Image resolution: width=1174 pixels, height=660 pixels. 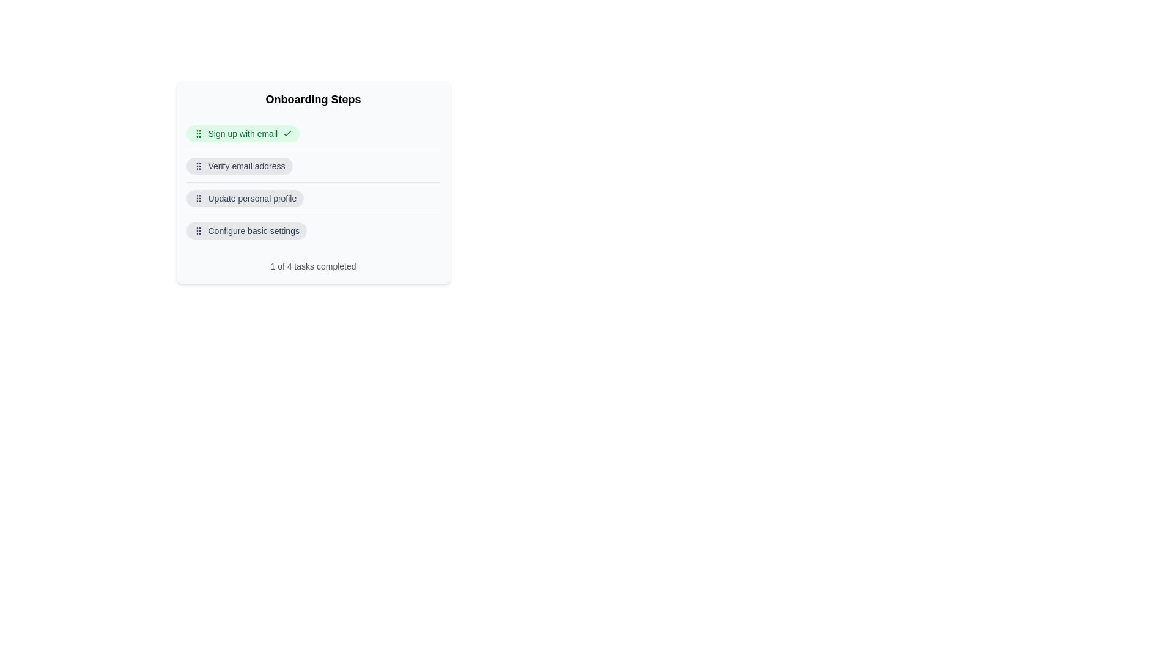 I want to click on the completed onboarding step button, which is the first item in the vertical list of onboarding steps located below the title 'Onboarding Steps', so click(x=243, y=134).